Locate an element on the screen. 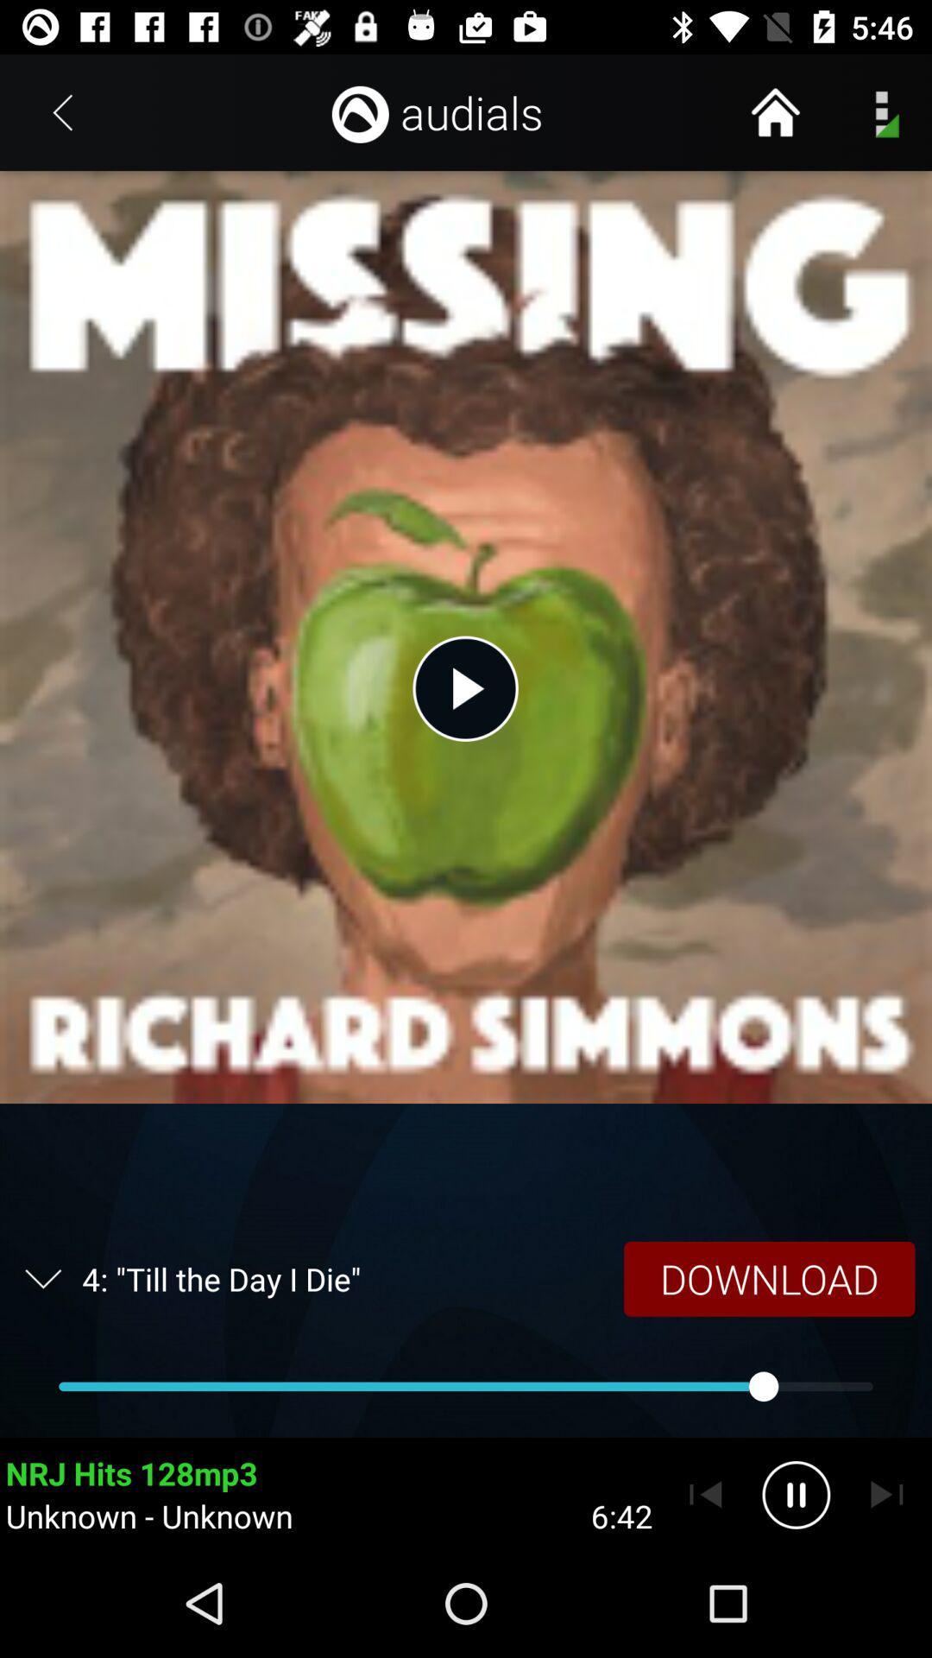 The width and height of the screenshot is (932, 1658). previous trek is located at coordinates (705, 1494).